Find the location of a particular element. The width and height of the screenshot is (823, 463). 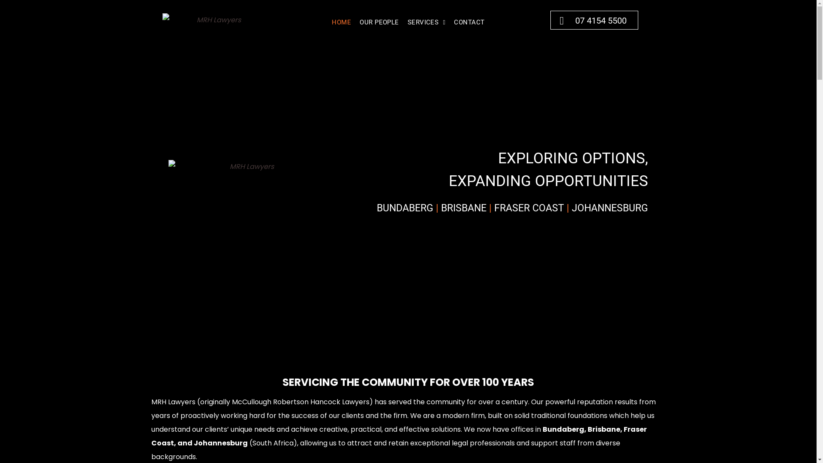

'SERVICES' is located at coordinates (427, 21).